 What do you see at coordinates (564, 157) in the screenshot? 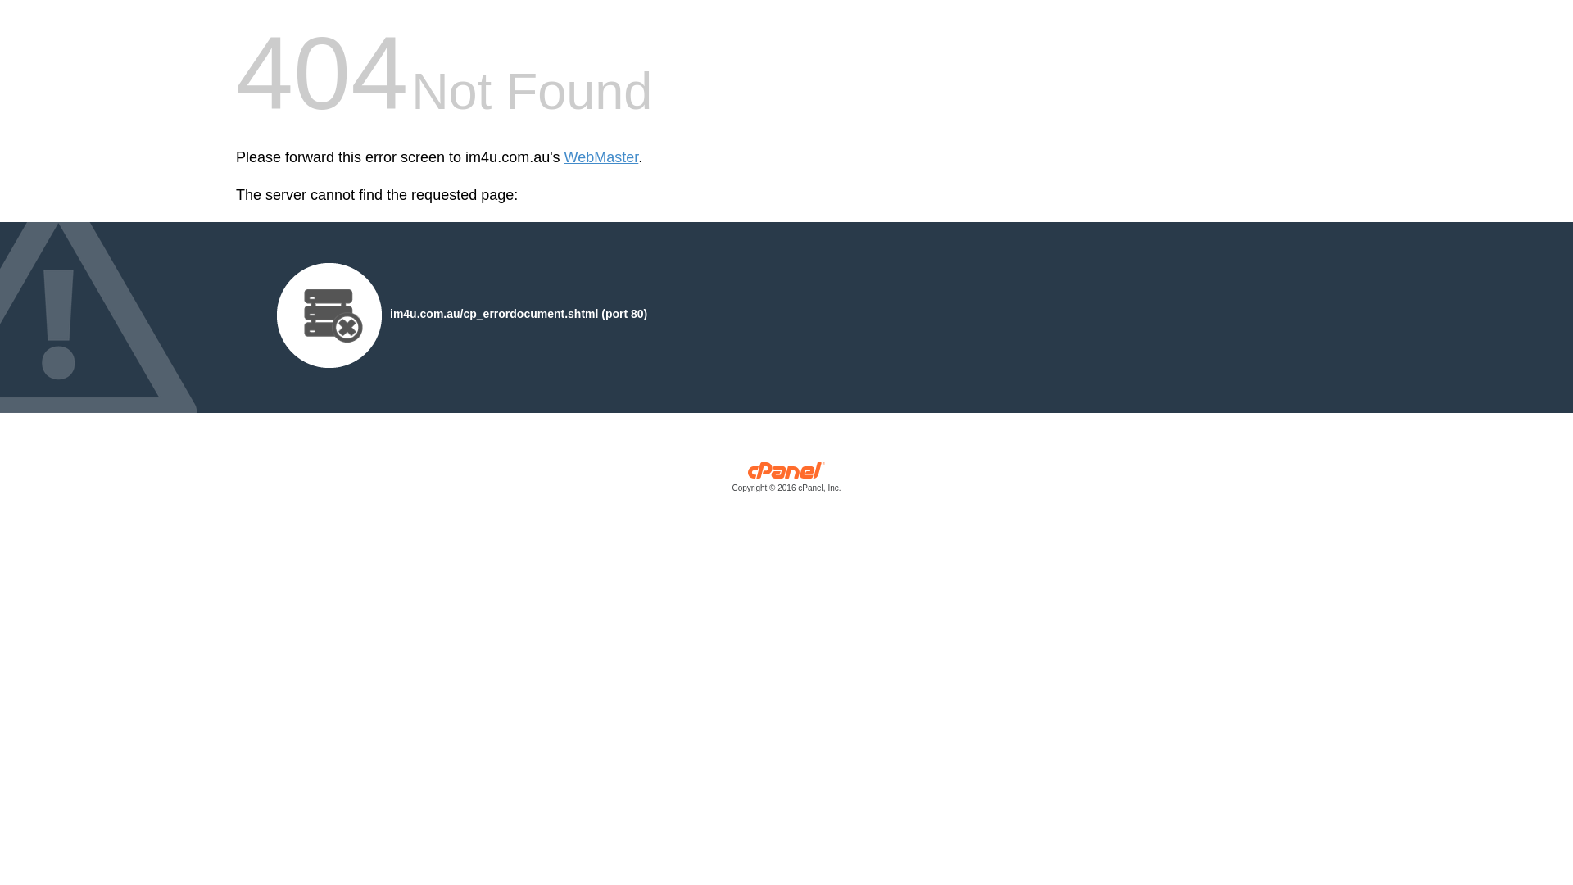
I see `'WebMaster'` at bounding box center [564, 157].